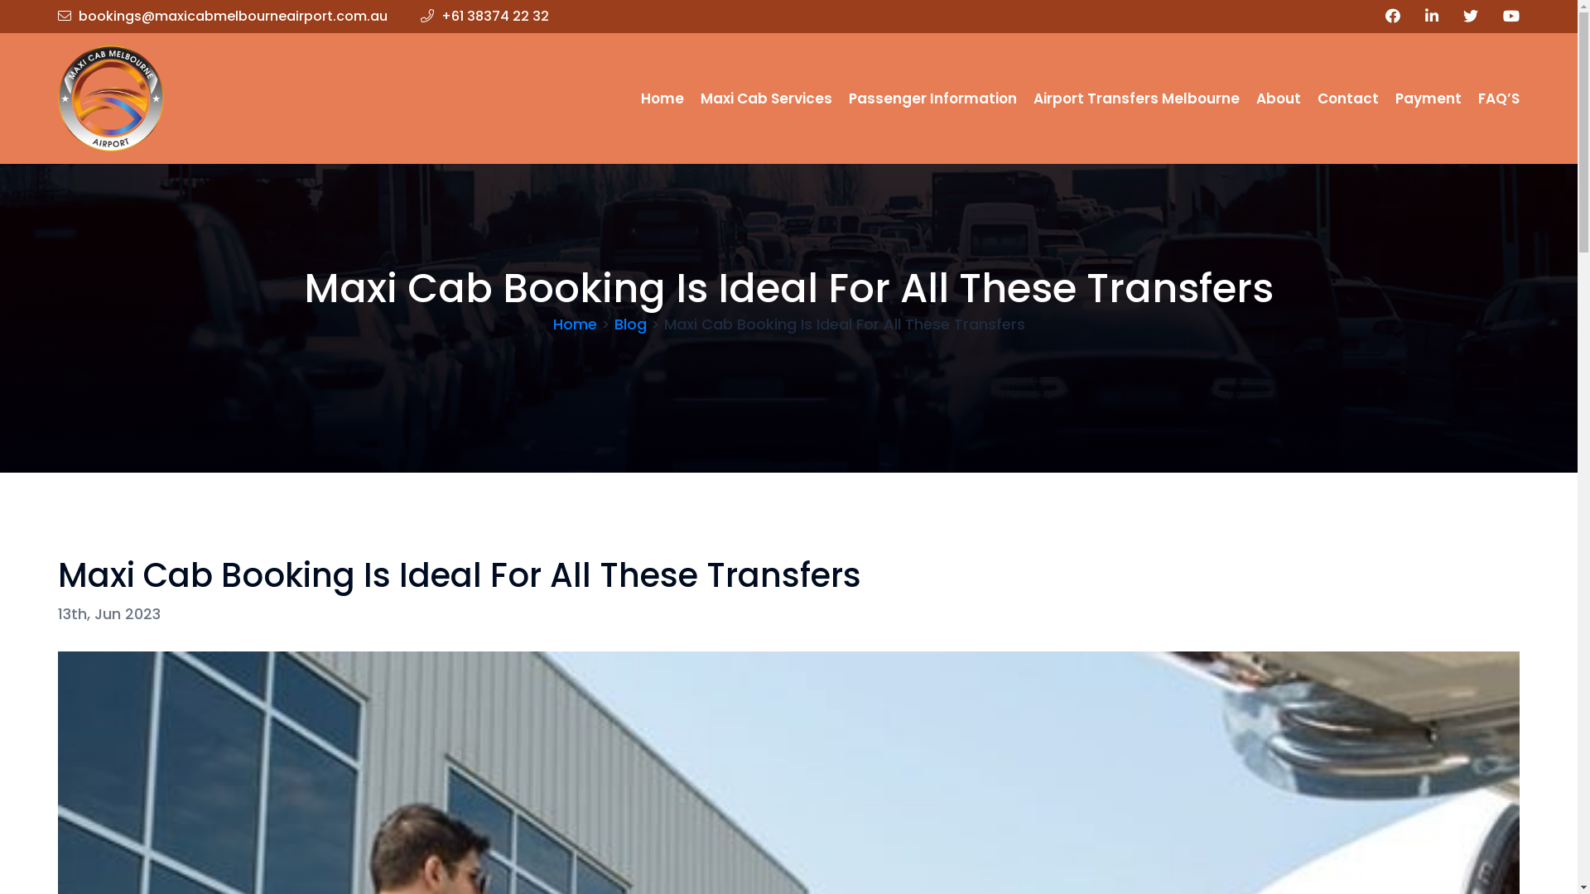 The height and width of the screenshot is (894, 1590). Describe the element at coordinates (662, 99) in the screenshot. I see `'Home'` at that location.